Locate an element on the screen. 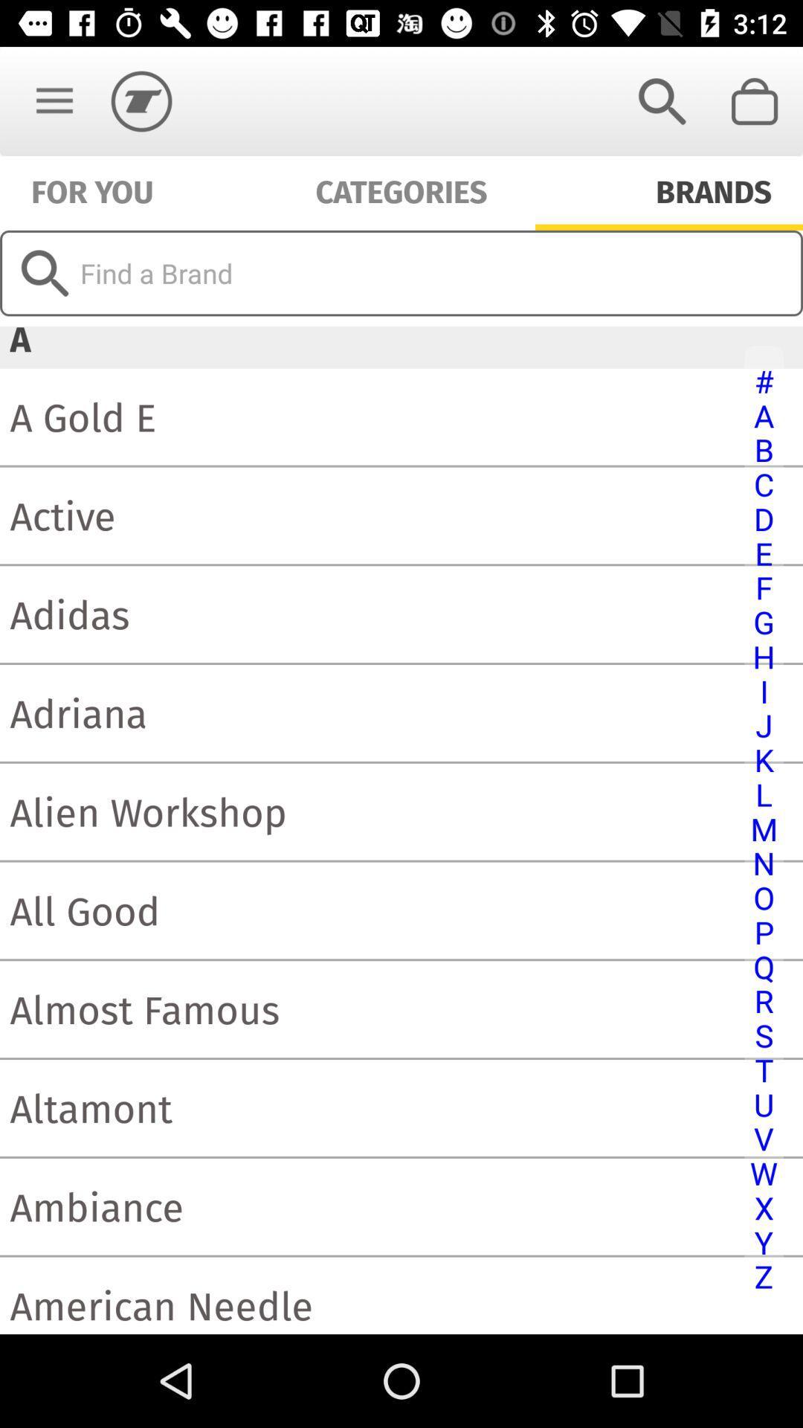 The image size is (803, 1428). search for brand is located at coordinates (401, 273).